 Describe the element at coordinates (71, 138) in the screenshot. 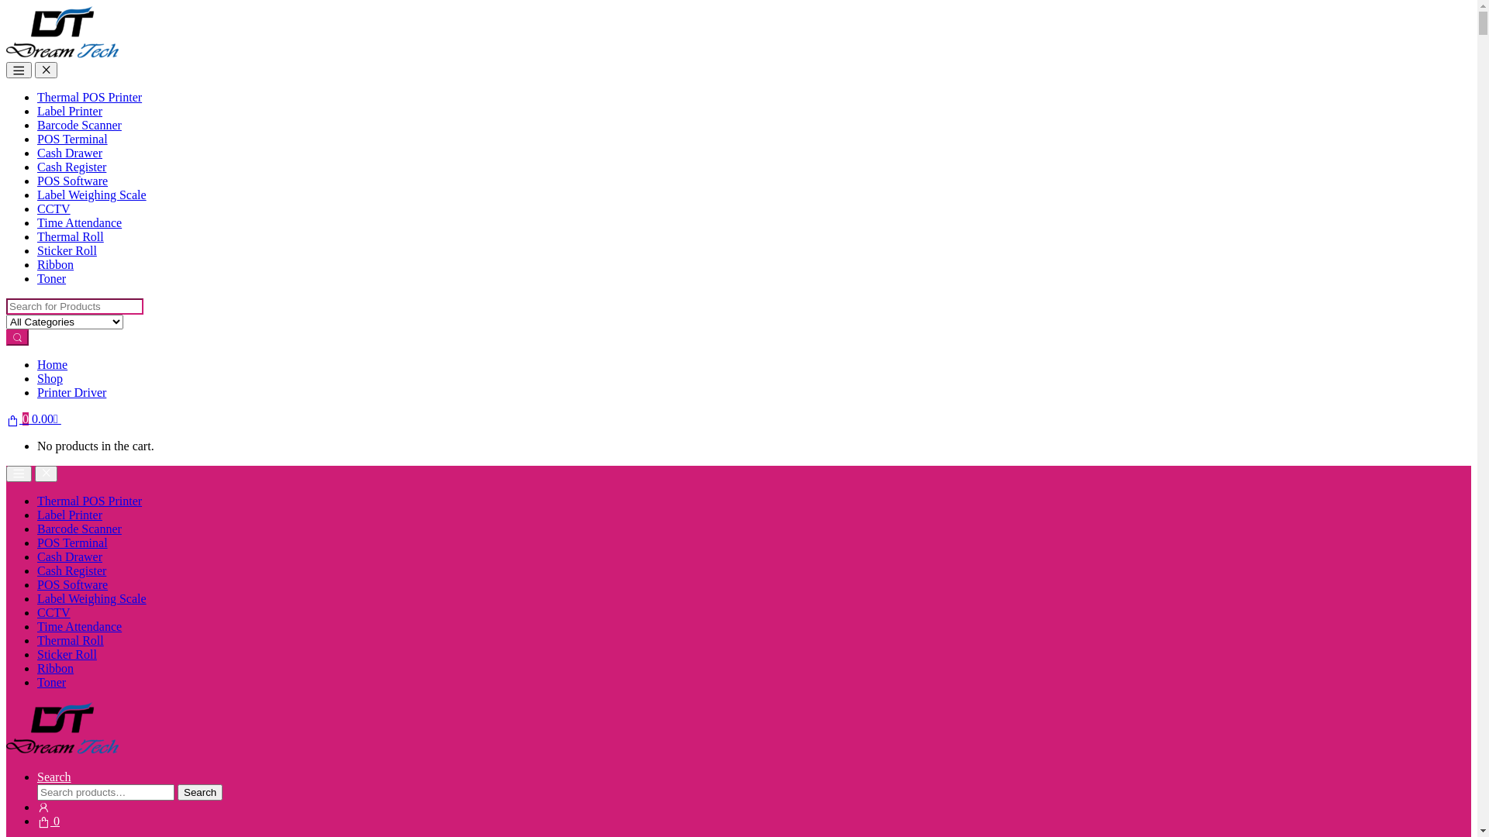

I see `'POS Terminal'` at that location.